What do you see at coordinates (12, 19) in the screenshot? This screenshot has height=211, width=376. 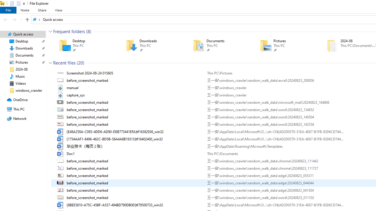 I see `'Navigation buttons'` at bounding box center [12, 19].